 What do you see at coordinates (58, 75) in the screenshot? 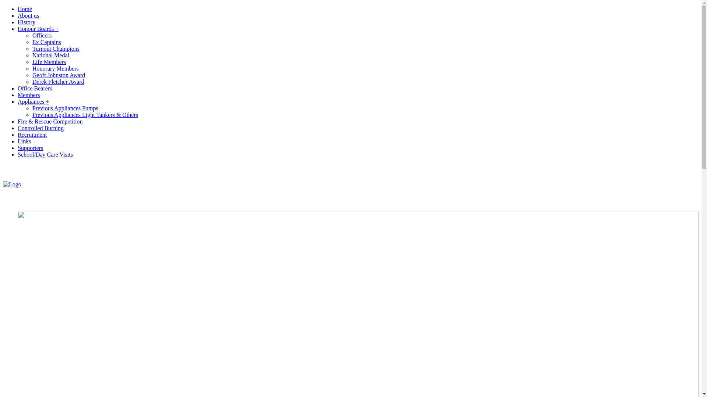
I see `'Geoff Johnston Award'` at bounding box center [58, 75].